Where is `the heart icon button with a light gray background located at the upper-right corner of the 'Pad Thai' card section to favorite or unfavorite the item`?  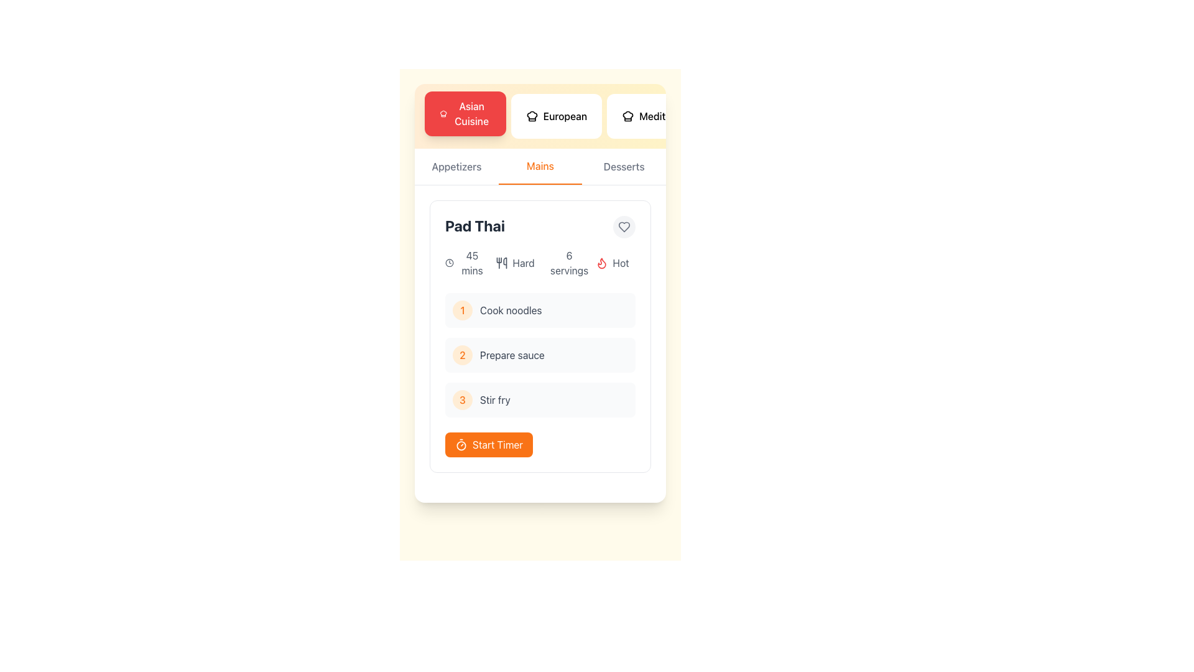
the heart icon button with a light gray background located at the upper-right corner of the 'Pad Thai' card section to favorite or unfavorite the item is located at coordinates (624, 227).